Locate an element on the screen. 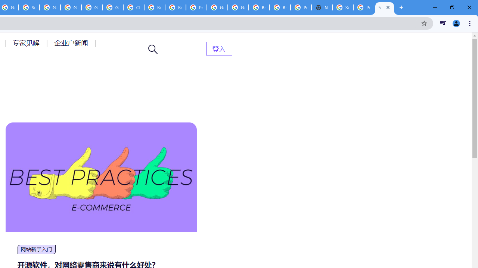 Image resolution: width=478 pixels, height=268 pixels. 'New Tab' is located at coordinates (322, 7).